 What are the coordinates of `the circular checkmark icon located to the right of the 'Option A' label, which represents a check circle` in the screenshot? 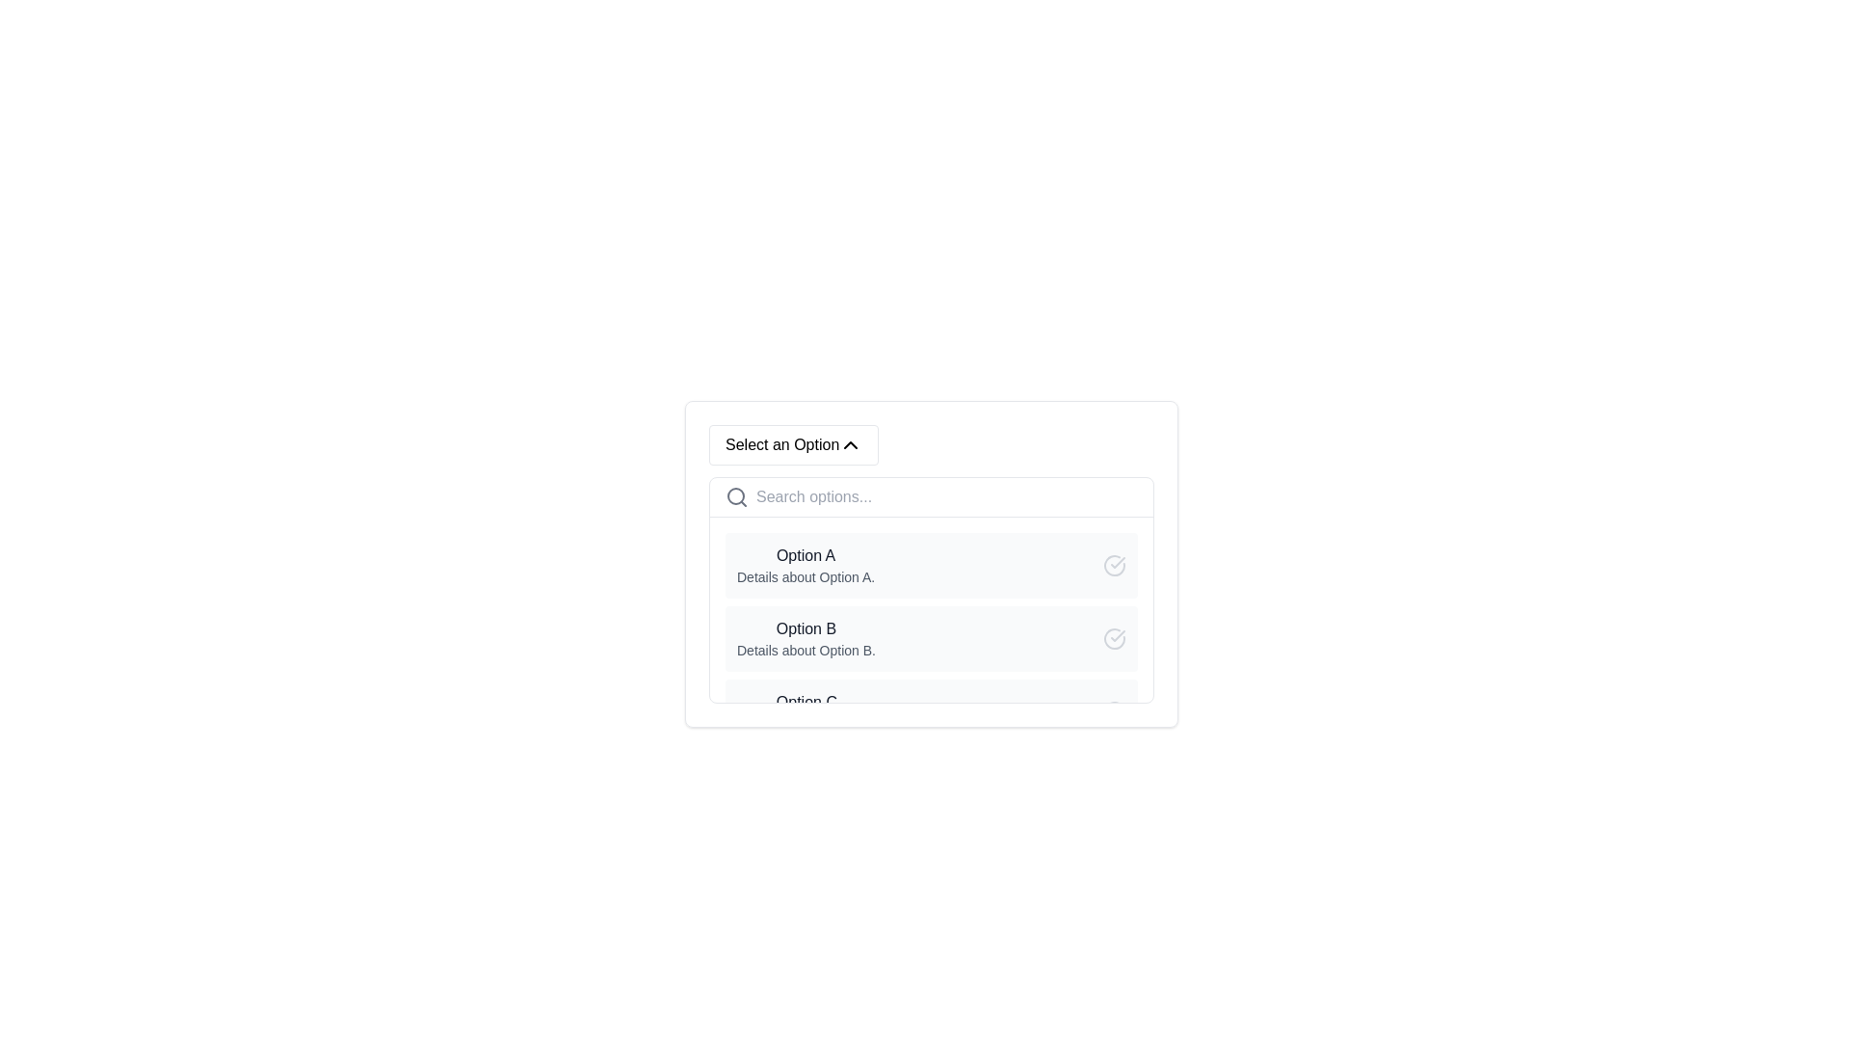 It's located at (1114, 564).